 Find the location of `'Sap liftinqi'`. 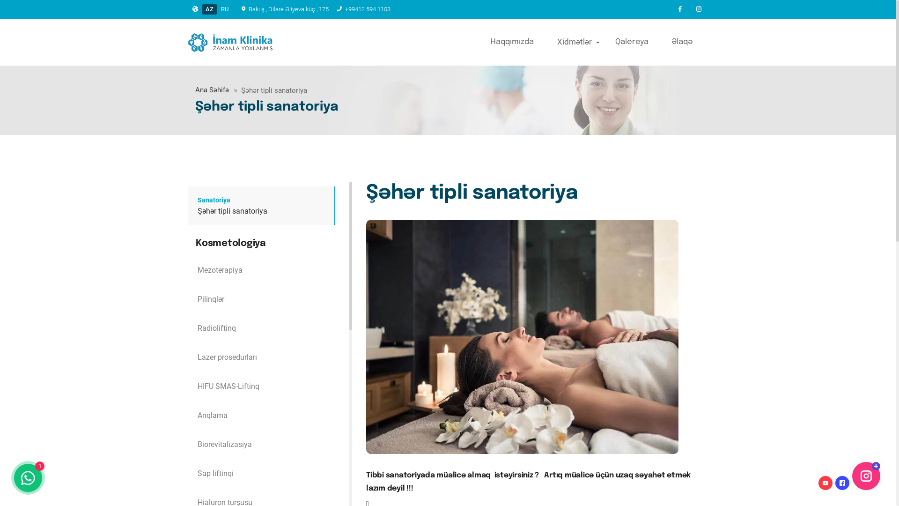

'Sap liftinqi' is located at coordinates (261, 473).